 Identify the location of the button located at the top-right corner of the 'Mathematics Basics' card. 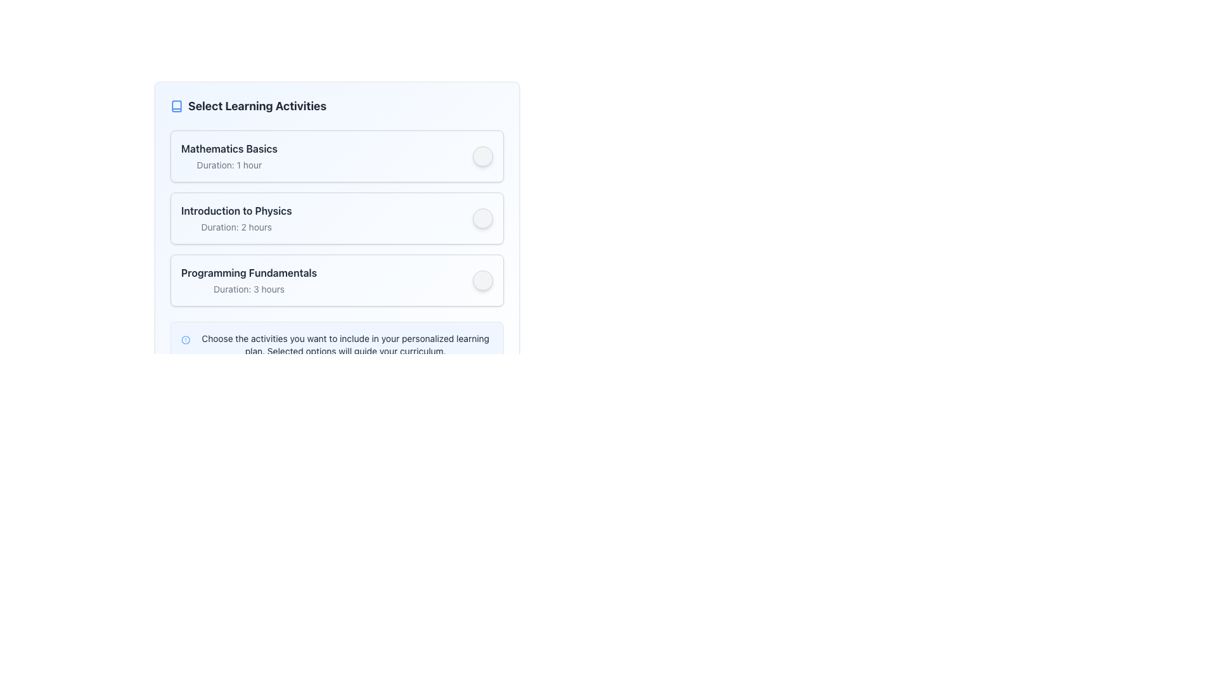
(482, 155).